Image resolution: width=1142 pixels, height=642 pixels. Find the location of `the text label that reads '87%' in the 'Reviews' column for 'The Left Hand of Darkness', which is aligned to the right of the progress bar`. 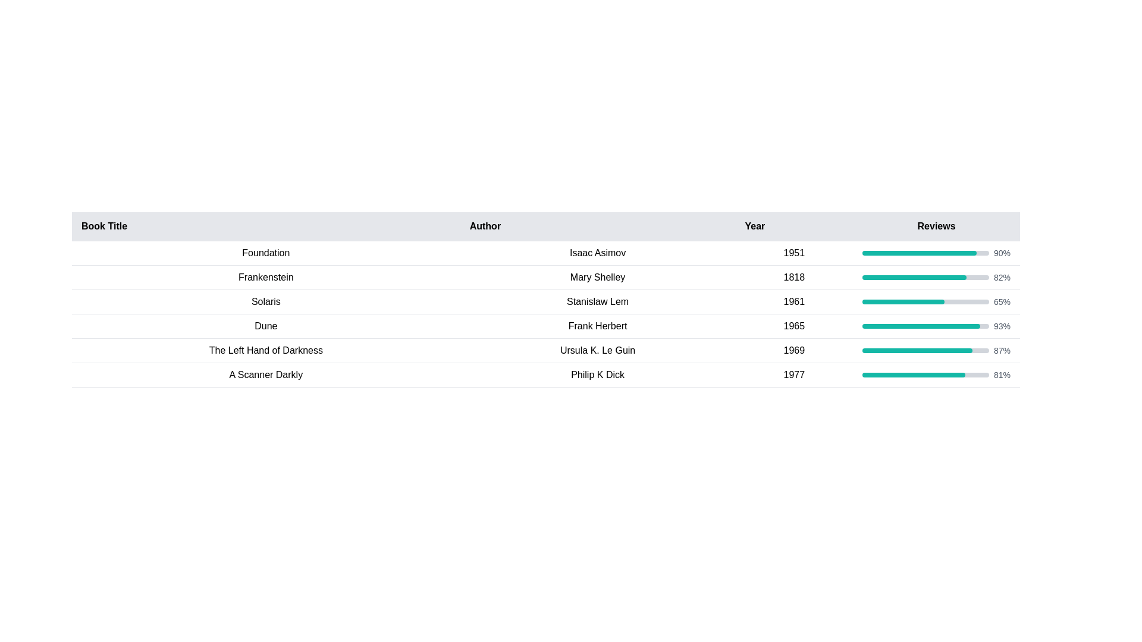

the text label that reads '87%' in the 'Reviews' column for 'The Left Hand of Darkness', which is aligned to the right of the progress bar is located at coordinates (1001, 350).